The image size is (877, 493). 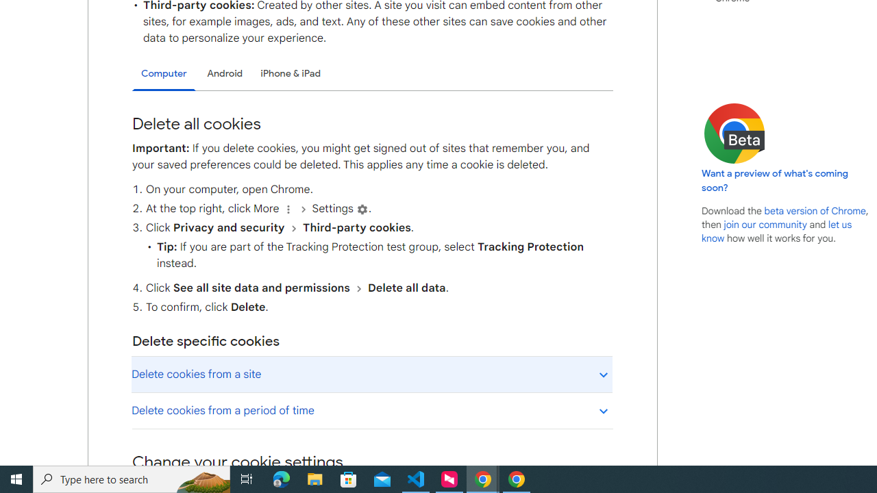 What do you see at coordinates (290, 73) in the screenshot?
I see `'iPhone & iPad'` at bounding box center [290, 73].